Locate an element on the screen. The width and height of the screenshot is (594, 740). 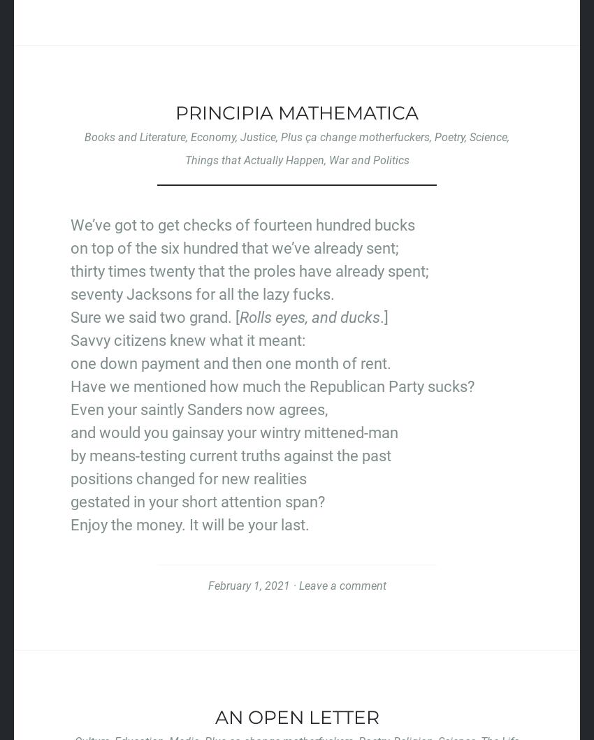
'Justice' is located at coordinates (257, 136).